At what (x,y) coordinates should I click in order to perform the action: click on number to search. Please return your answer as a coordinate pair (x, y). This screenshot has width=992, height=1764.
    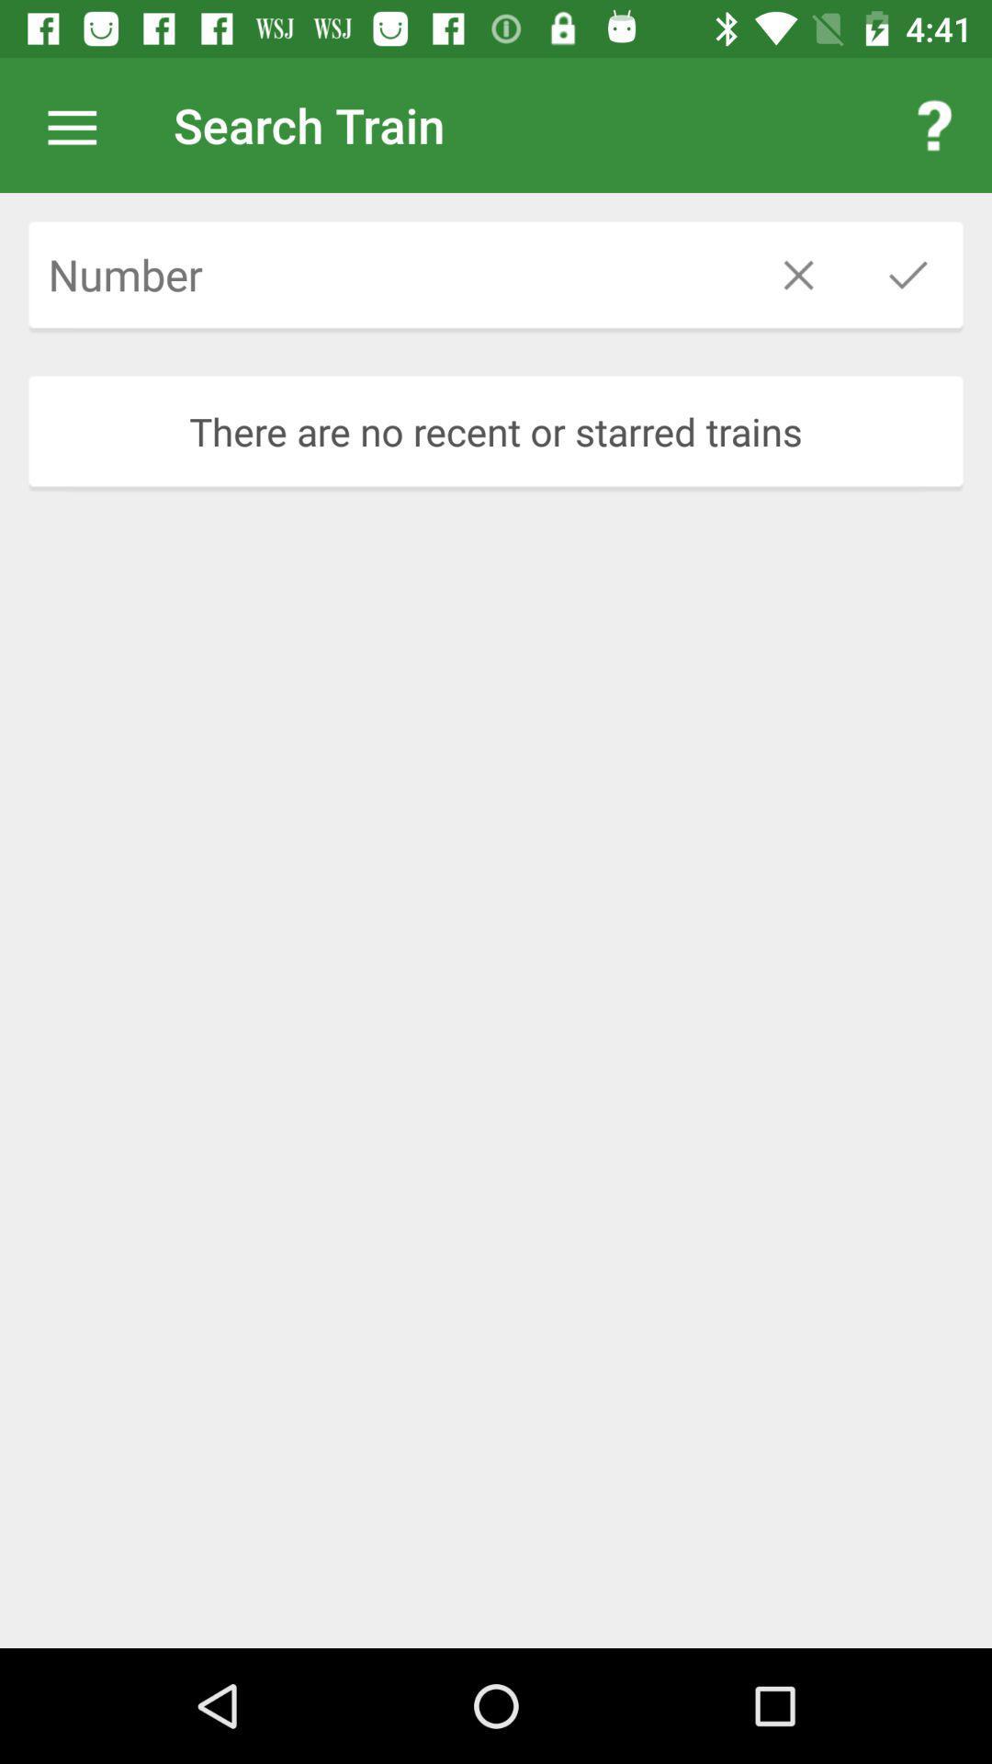
    Looking at the image, I should click on (385, 274).